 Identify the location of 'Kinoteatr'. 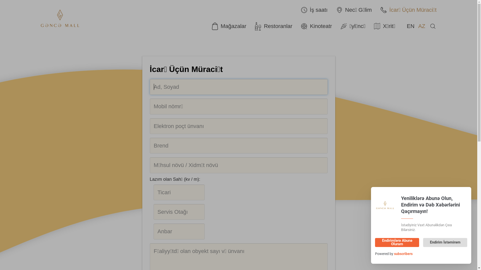
(318, 26).